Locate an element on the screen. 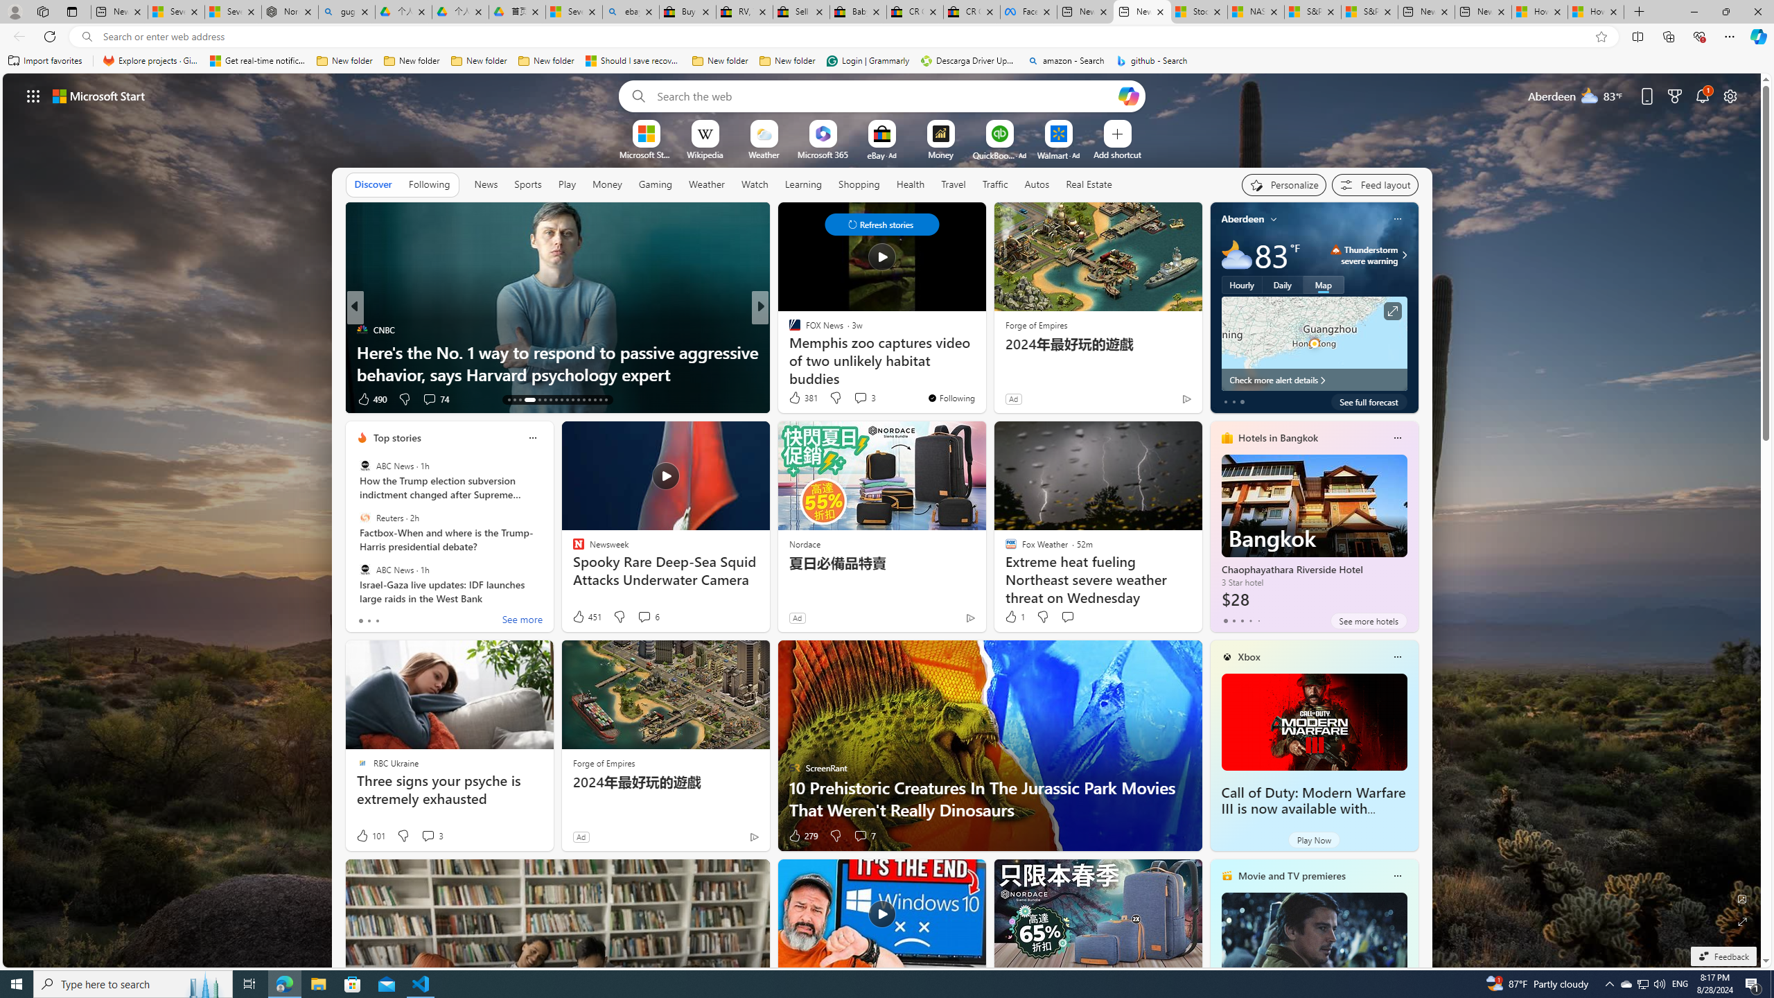  'Real Estate' is located at coordinates (1088, 184).